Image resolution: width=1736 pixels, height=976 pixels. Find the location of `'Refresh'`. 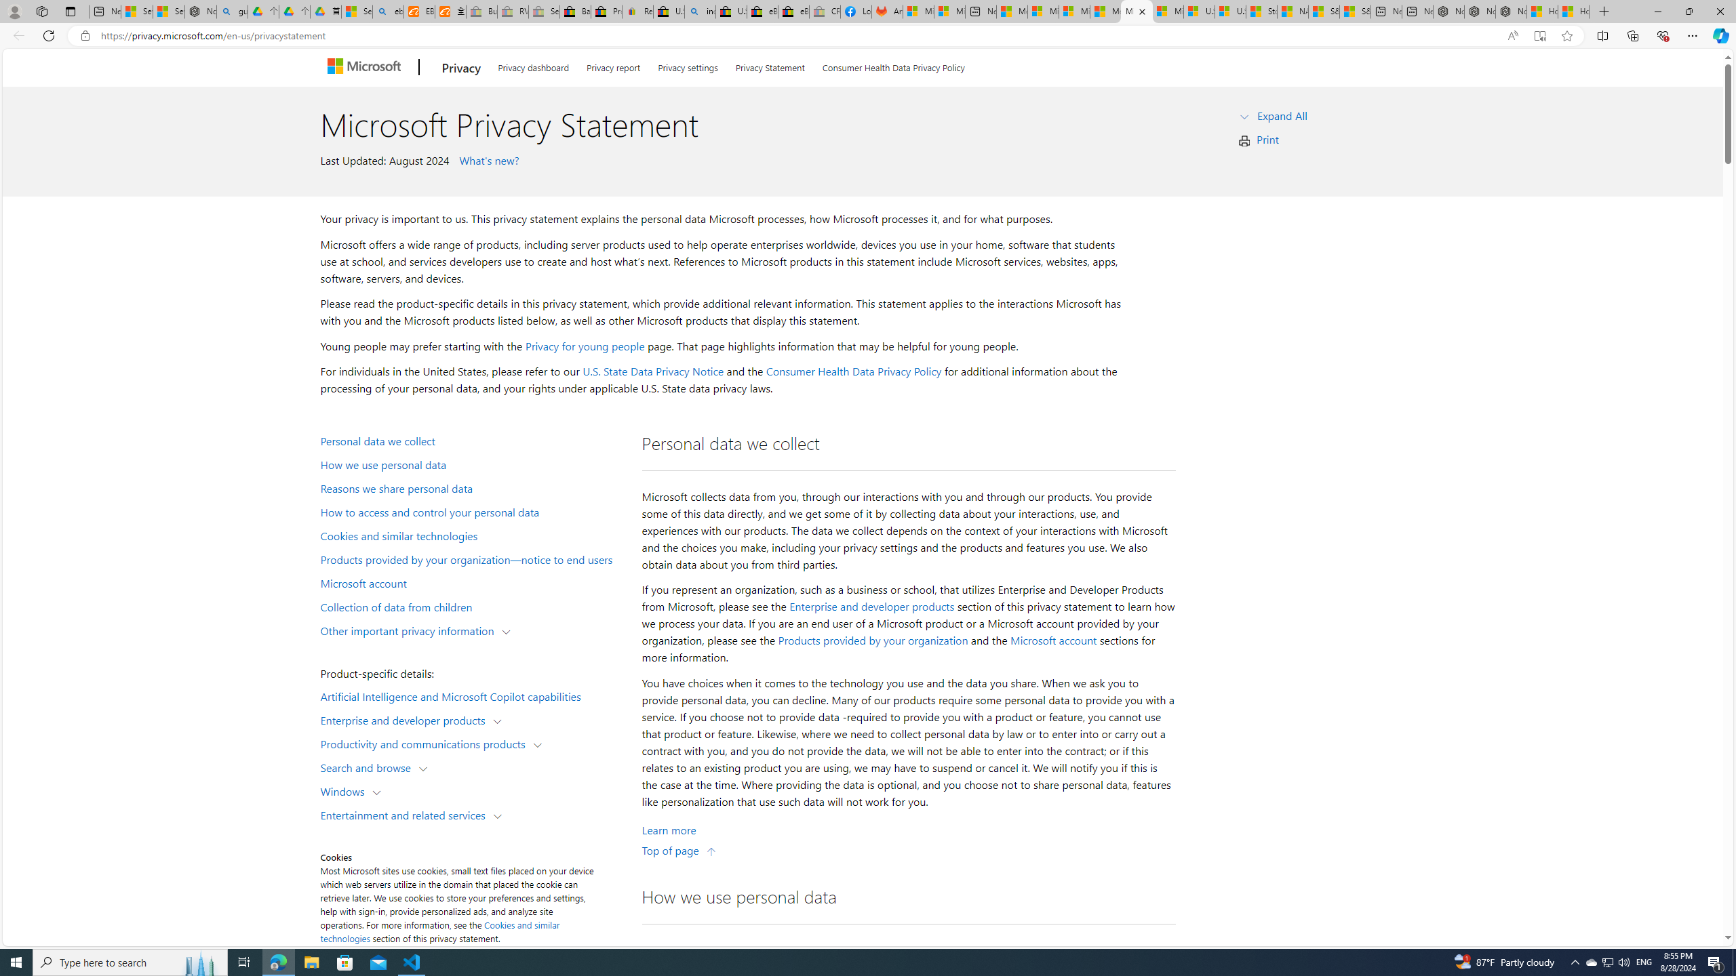

'Refresh' is located at coordinates (47, 35).